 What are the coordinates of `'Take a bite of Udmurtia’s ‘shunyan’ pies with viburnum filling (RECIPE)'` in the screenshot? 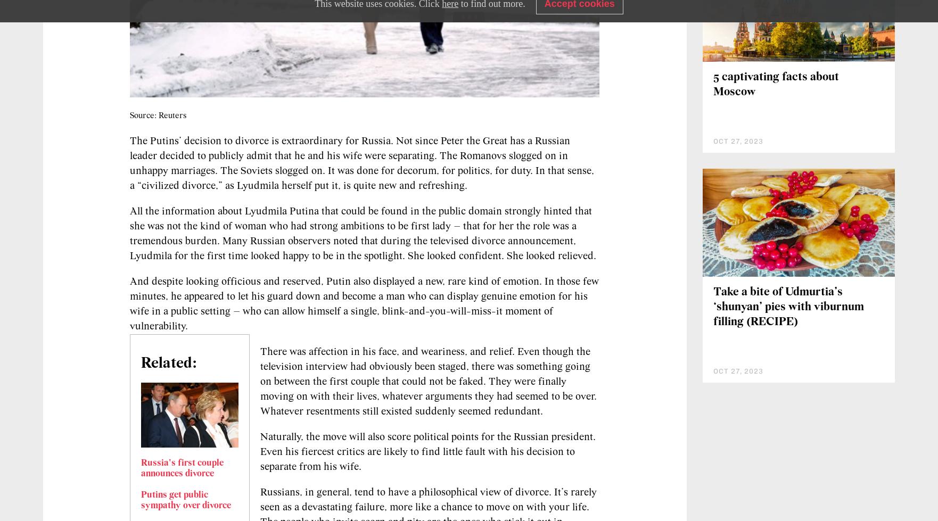 It's located at (788, 307).